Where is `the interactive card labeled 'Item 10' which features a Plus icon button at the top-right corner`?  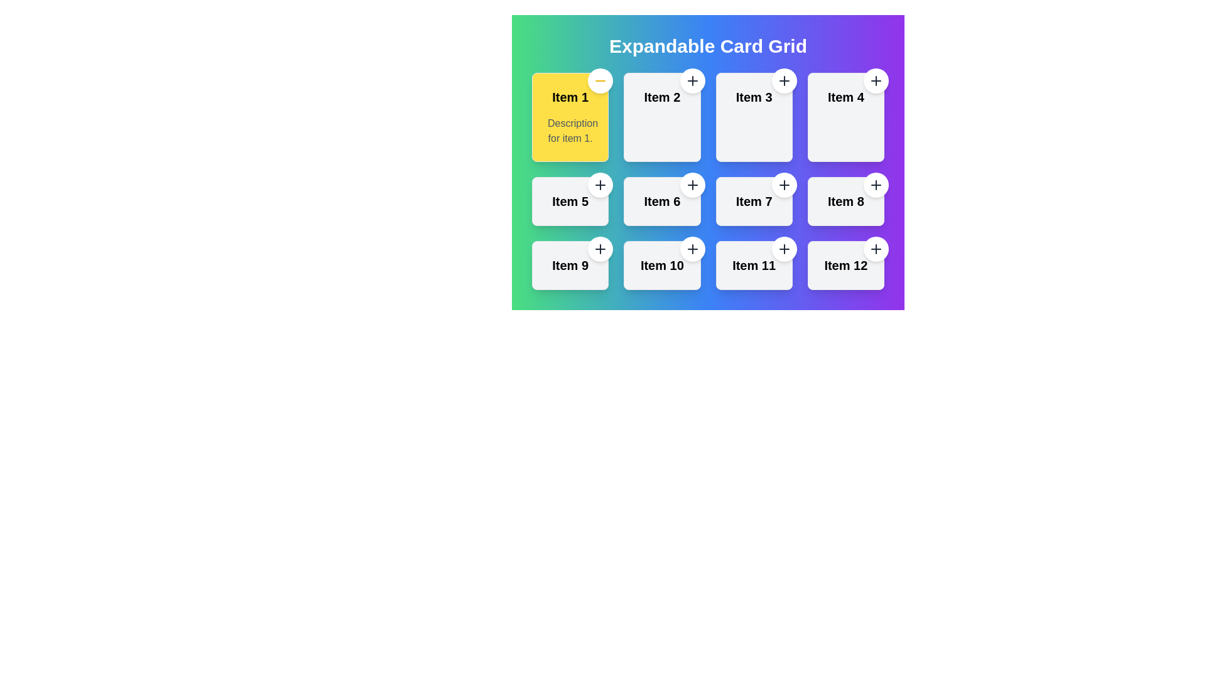
the interactive card labeled 'Item 10' which features a Plus icon button at the top-right corner is located at coordinates (661, 265).